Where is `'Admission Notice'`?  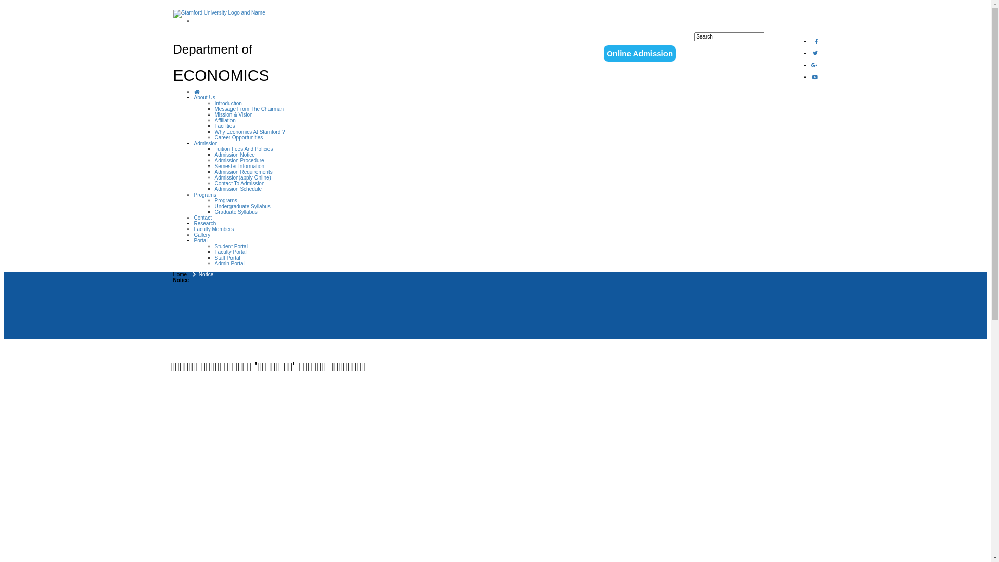 'Admission Notice' is located at coordinates (234, 155).